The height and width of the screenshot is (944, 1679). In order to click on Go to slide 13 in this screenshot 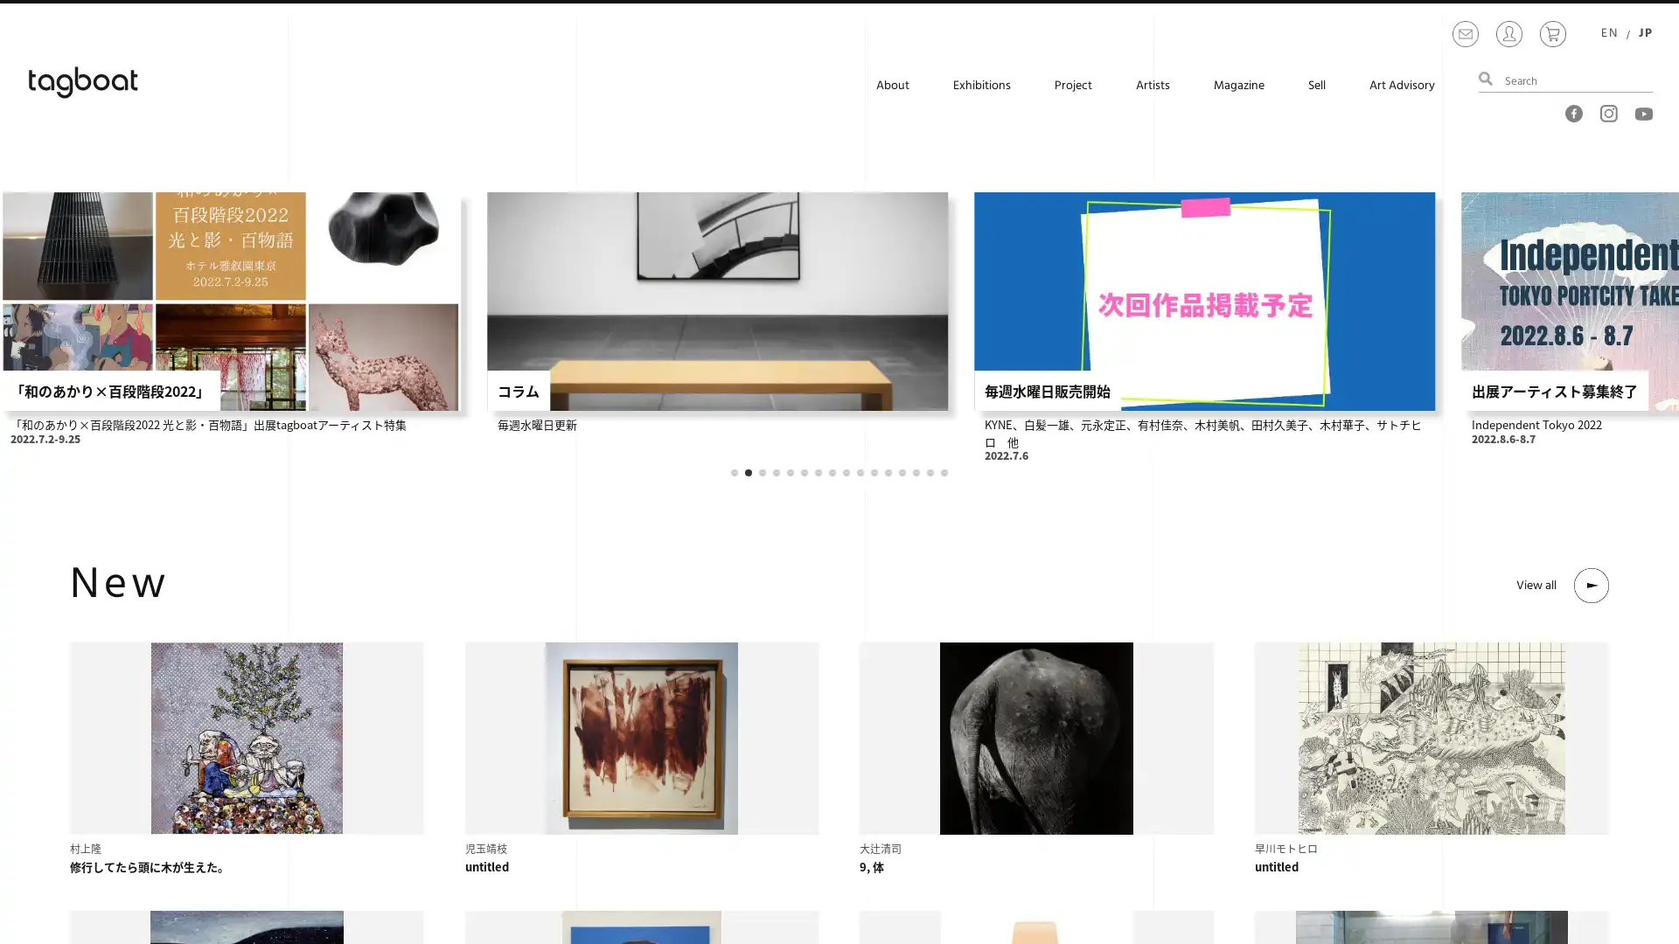, I will do `click(902, 472)`.